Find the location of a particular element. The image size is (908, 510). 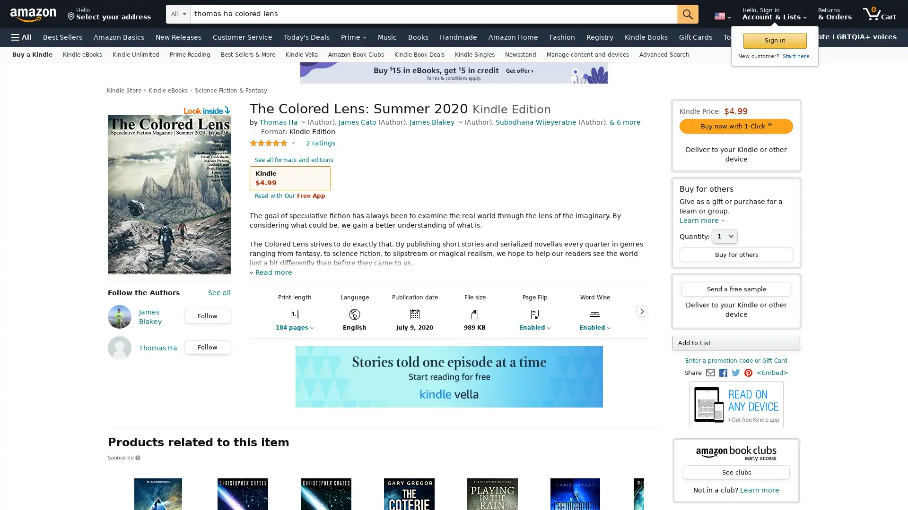

5.0 out of 5 stars is located at coordinates (272, 143).